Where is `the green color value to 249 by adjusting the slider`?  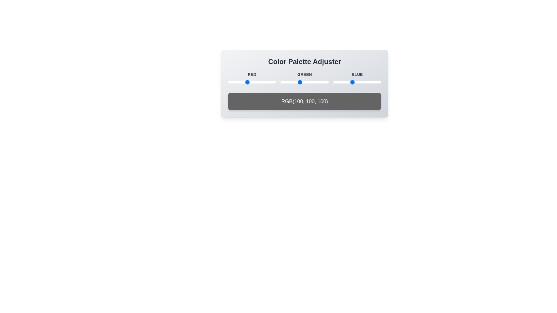 the green color value to 249 by adjusting the slider is located at coordinates (327, 82).